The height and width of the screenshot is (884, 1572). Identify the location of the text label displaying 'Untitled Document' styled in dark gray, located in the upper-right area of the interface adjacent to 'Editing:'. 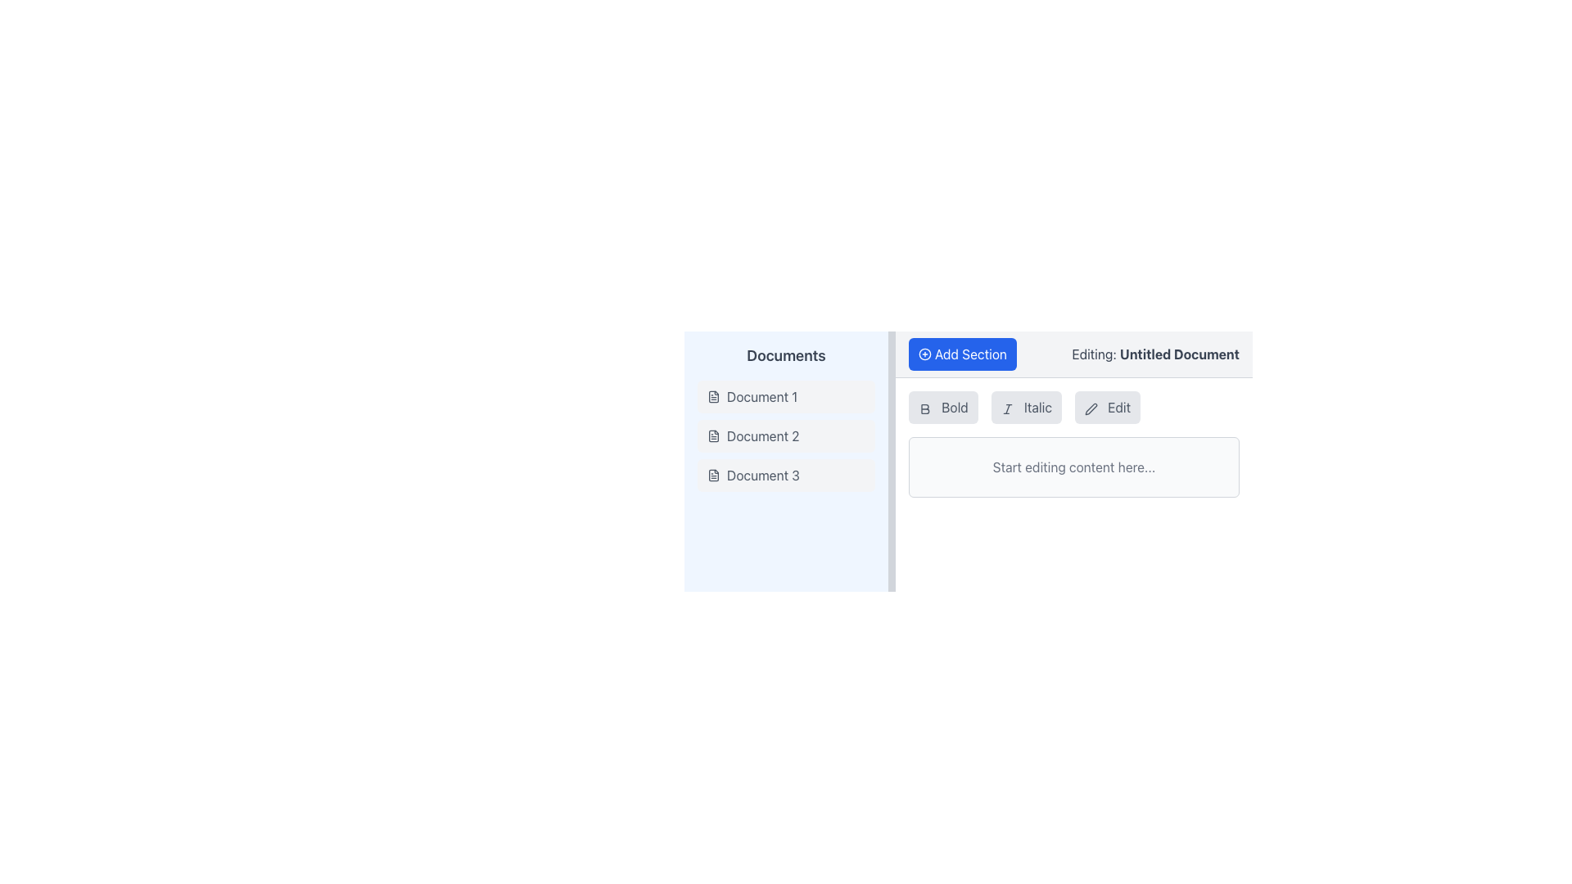
(1179, 353).